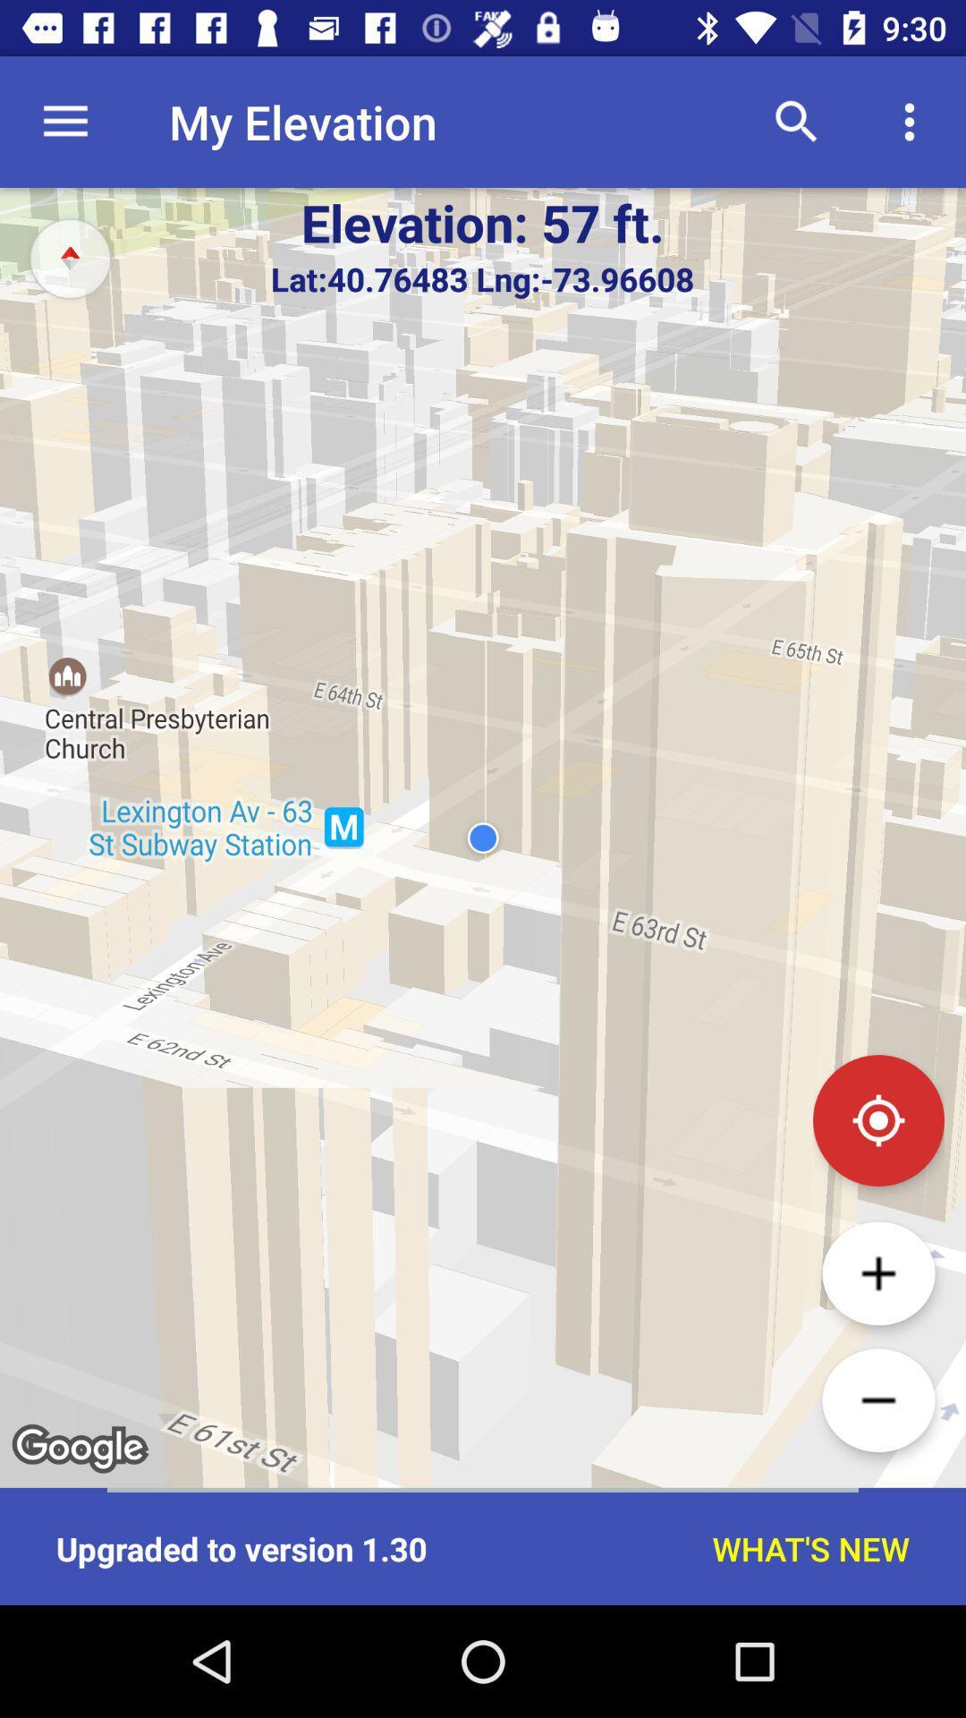  Describe the element at coordinates (877, 1272) in the screenshot. I see `to zoom` at that location.